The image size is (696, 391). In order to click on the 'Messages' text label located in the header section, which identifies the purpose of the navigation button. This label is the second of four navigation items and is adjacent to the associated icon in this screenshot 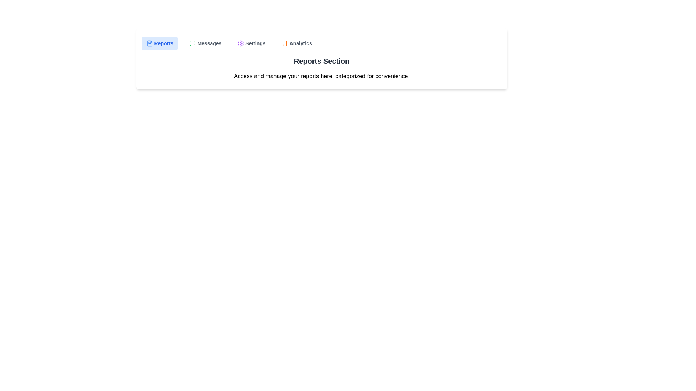, I will do `click(209, 43)`.